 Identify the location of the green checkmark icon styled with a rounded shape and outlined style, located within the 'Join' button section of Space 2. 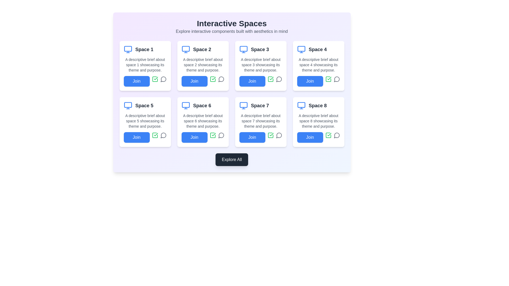
(156, 78).